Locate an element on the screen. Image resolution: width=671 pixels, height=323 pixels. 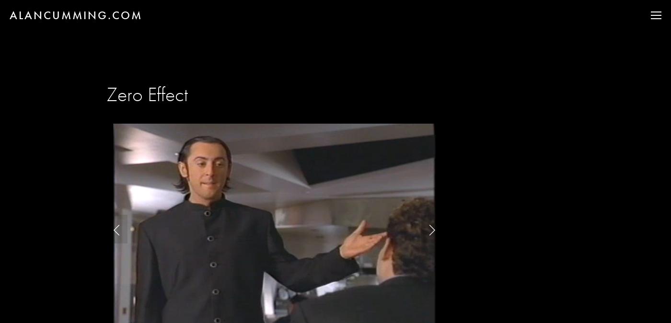
'CLUB CUMMING' is located at coordinates (564, 143).